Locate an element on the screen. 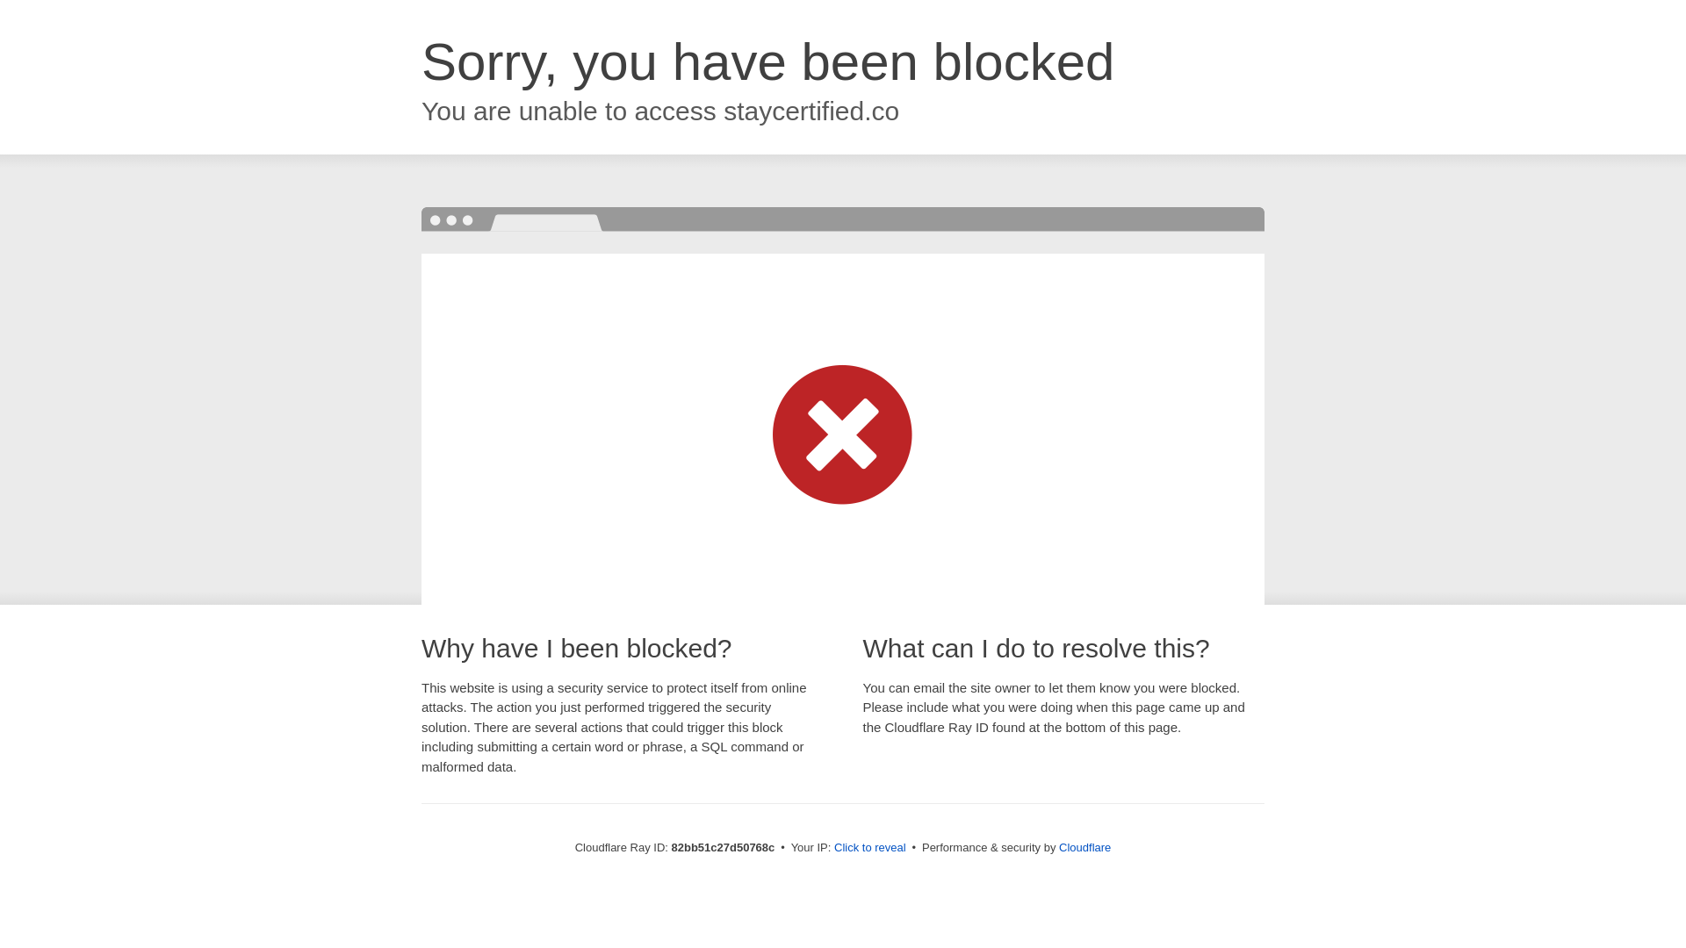 Image resolution: width=1686 pixels, height=948 pixels. 'Click to reveal' is located at coordinates (869, 846).